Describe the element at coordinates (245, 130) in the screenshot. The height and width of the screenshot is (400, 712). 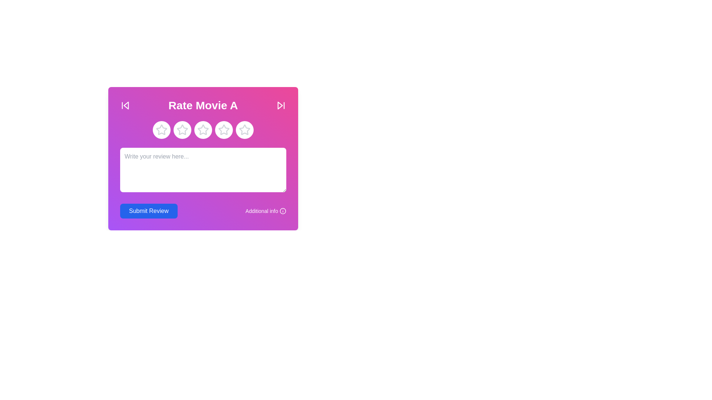
I see `the rightmost star icon in the 'Rate Movie A' module` at that location.